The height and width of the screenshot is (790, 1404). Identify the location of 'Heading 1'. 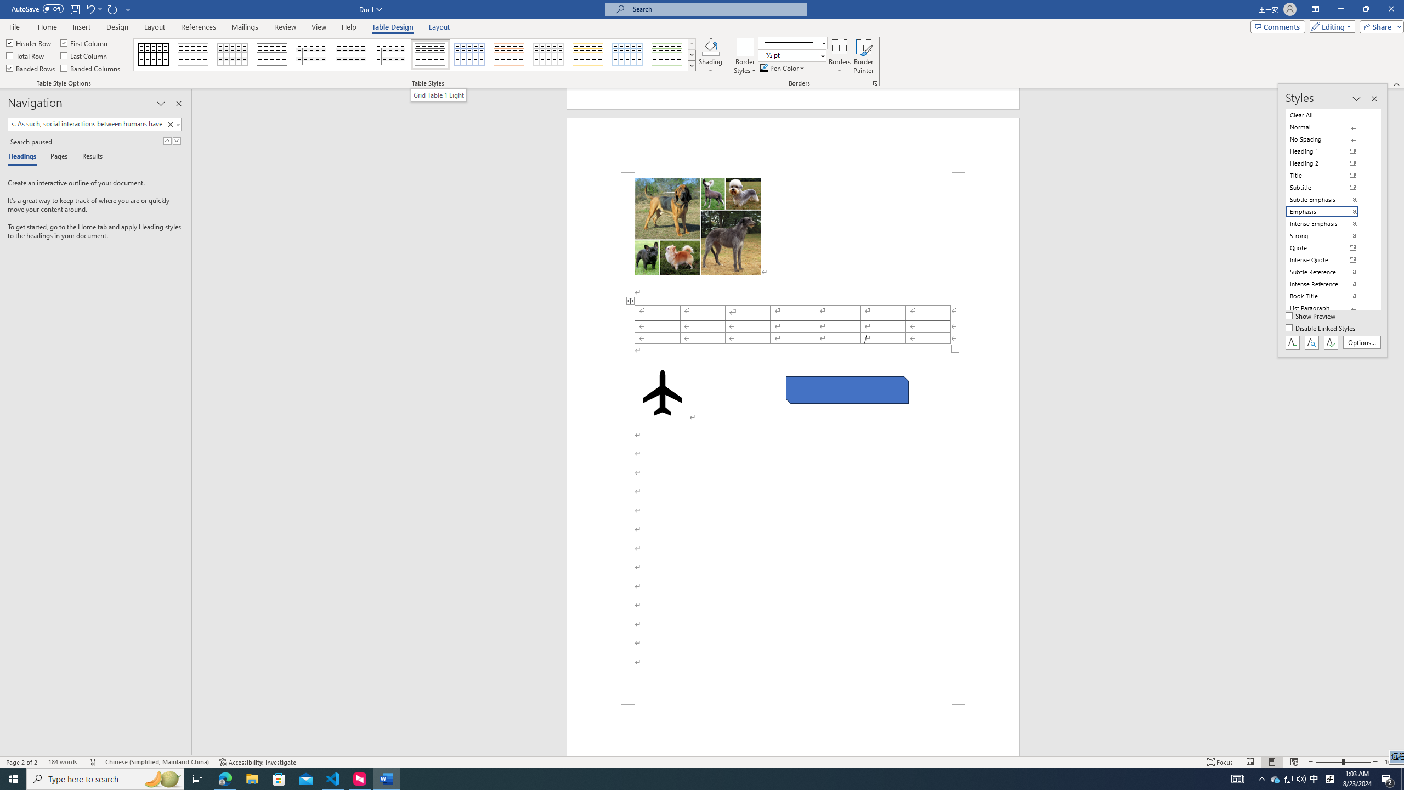
(1328, 151).